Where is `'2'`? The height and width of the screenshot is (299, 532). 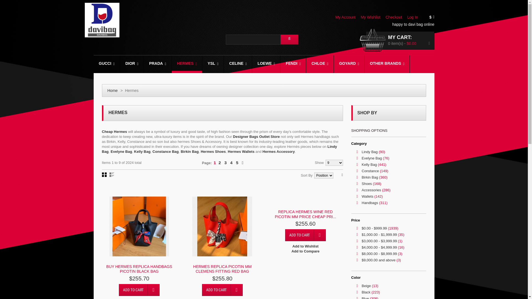
'2' is located at coordinates (219, 162).